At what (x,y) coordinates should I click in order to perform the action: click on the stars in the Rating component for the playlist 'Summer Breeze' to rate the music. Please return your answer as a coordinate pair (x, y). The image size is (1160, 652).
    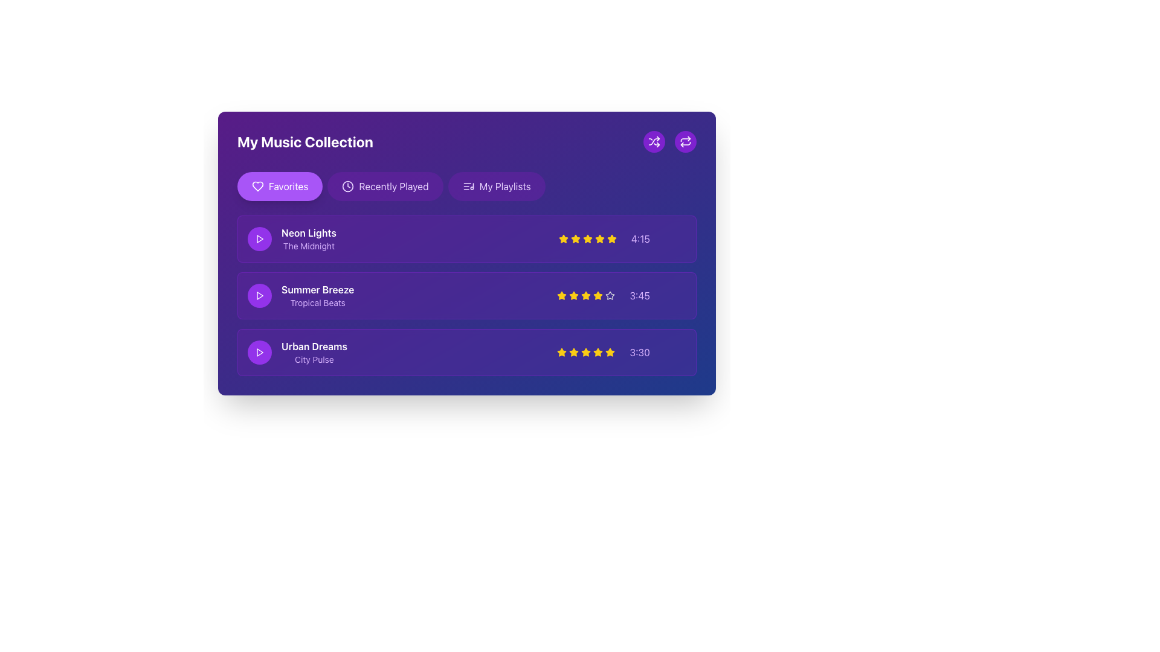
    Looking at the image, I should click on (622, 295).